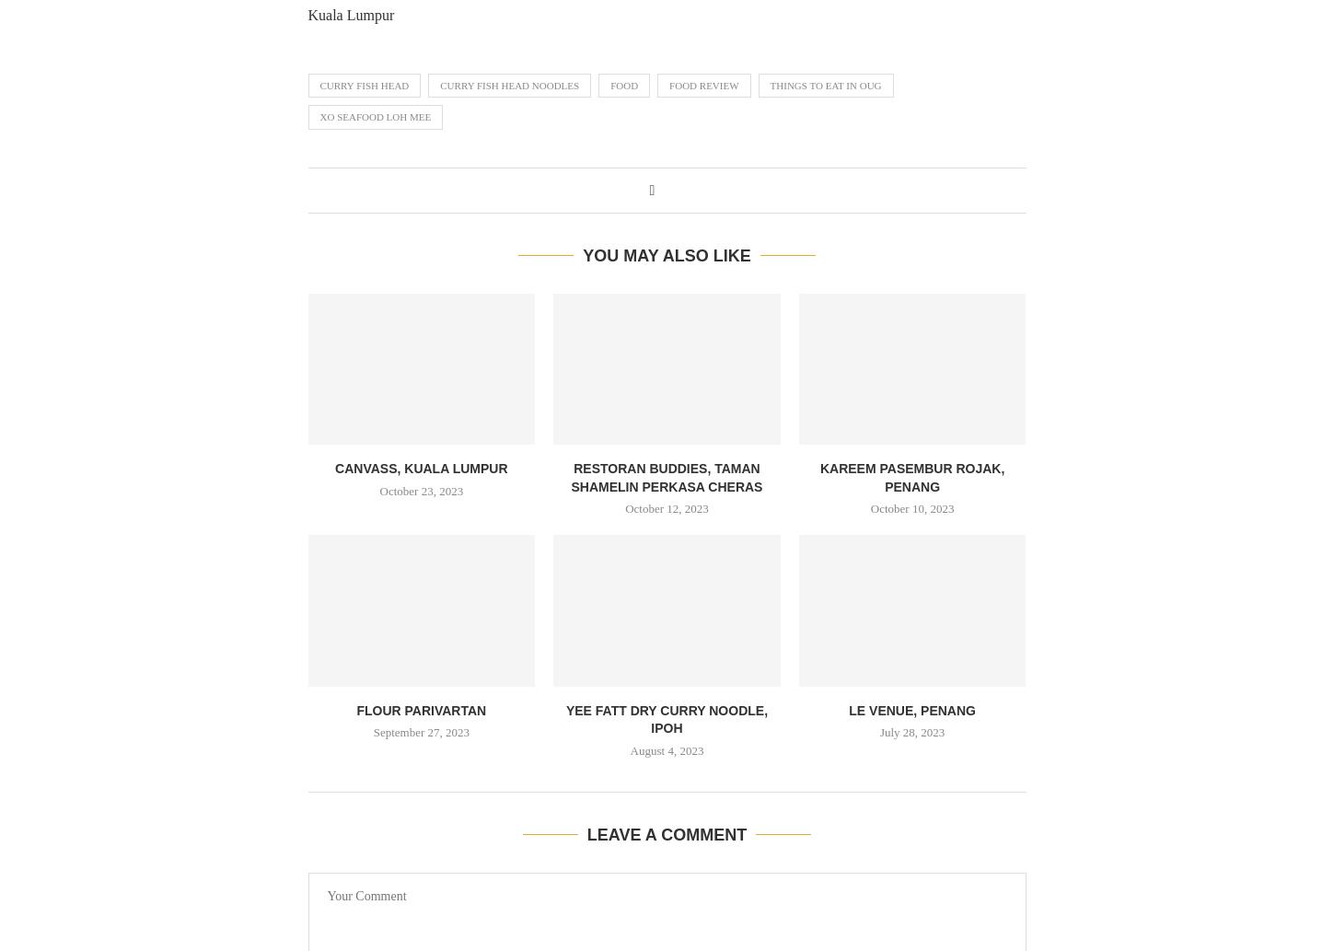 The image size is (1334, 951). What do you see at coordinates (667, 85) in the screenshot?
I see `'Food Review'` at bounding box center [667, 85].